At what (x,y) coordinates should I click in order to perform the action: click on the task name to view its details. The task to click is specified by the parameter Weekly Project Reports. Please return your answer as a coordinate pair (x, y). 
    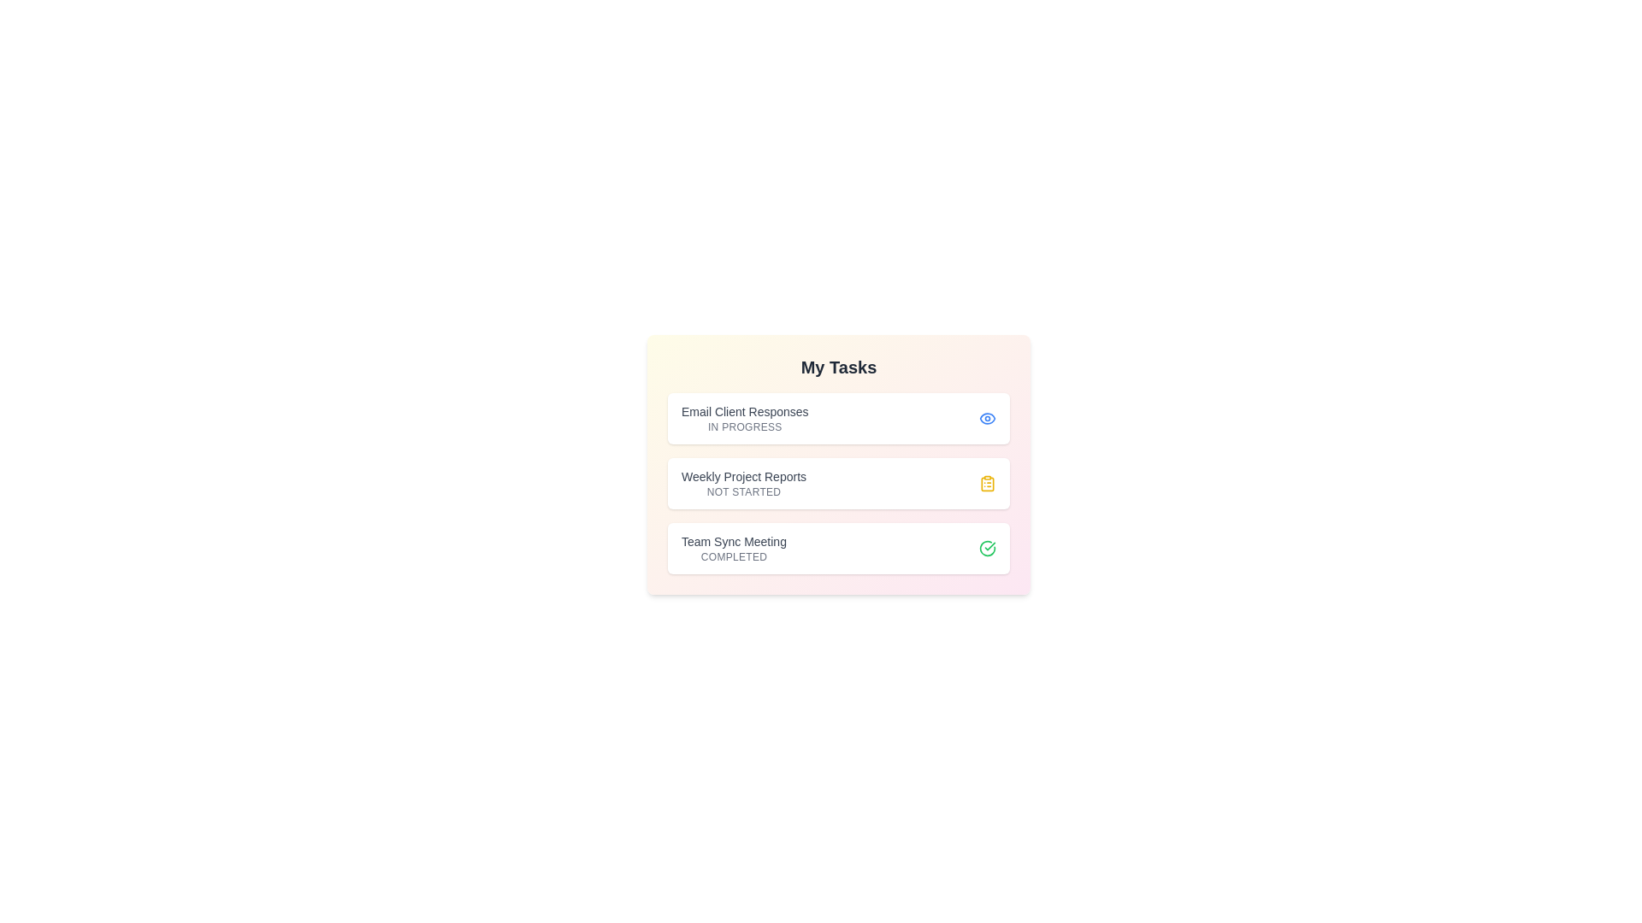
    Looking at the image, I should click on (743, 484).